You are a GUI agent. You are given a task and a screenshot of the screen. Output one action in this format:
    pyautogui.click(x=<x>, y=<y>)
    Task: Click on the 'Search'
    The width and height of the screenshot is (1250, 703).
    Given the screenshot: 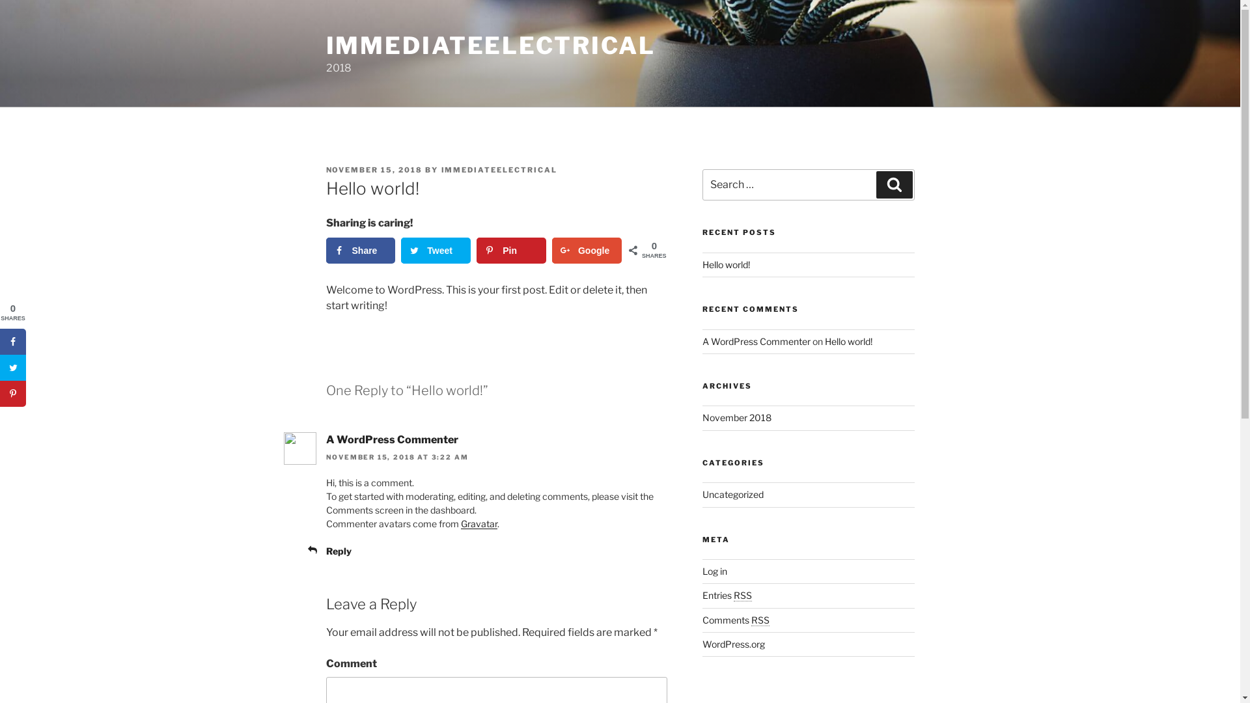 What is the action you would take?
    pyautogui.click(x=893, y=185)
    